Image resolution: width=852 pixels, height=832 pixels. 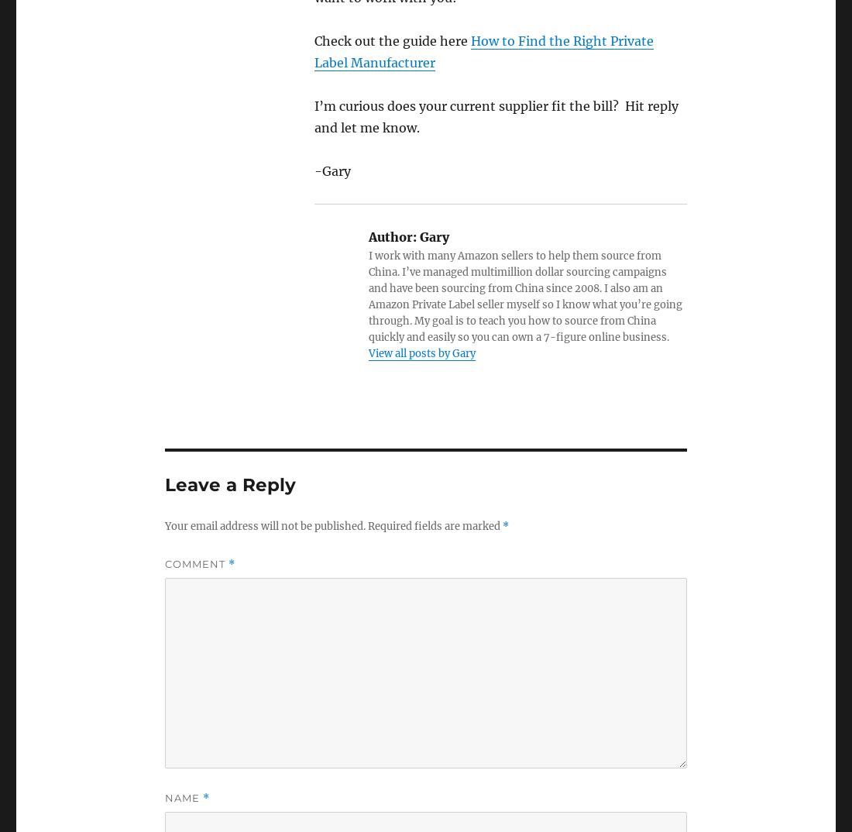 What do you see at coordinates (164, 562) in the screenshot?
I see `'Comment'` at bounding box center [164, 562].